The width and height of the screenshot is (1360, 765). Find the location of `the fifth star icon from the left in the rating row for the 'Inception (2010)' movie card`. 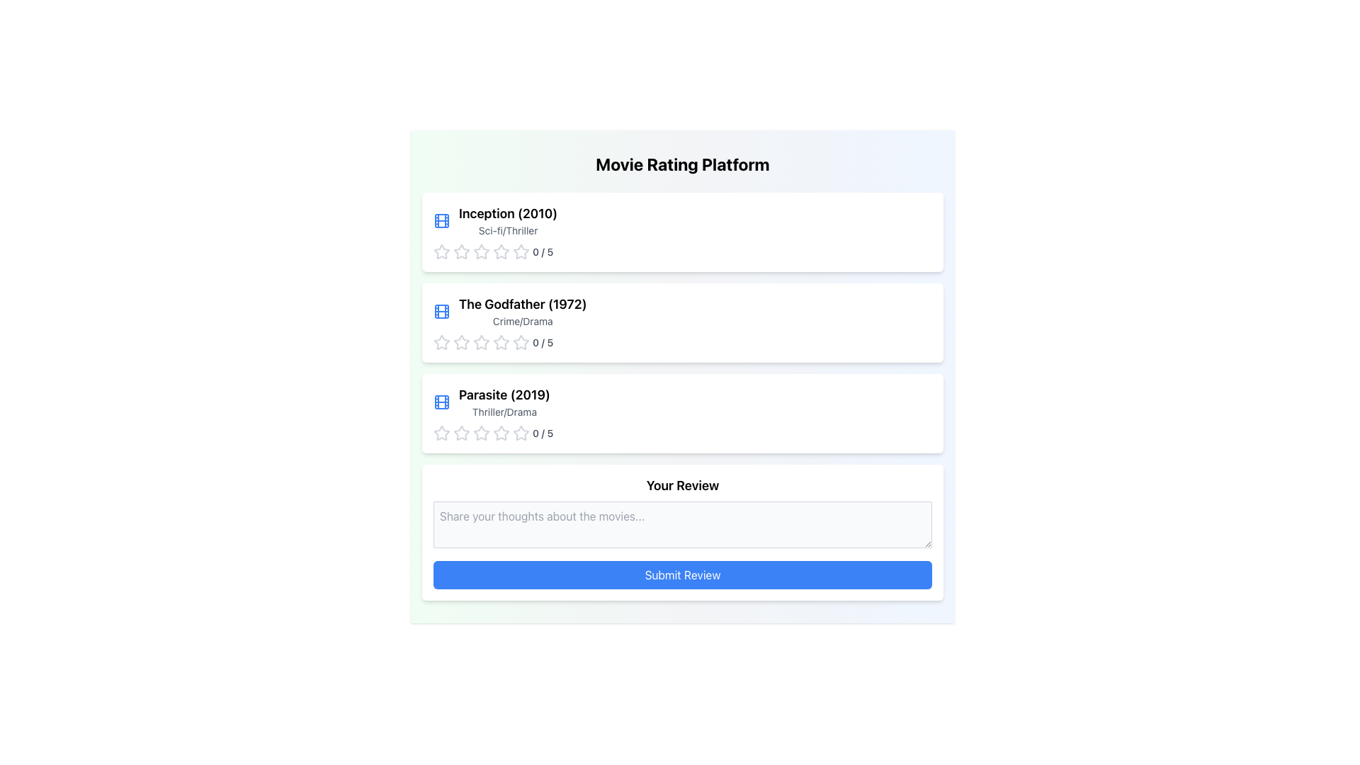

the fifth star icon from the left in the rating row for the 'Inception (2010)' movie card is located at coordinates (501, 251).